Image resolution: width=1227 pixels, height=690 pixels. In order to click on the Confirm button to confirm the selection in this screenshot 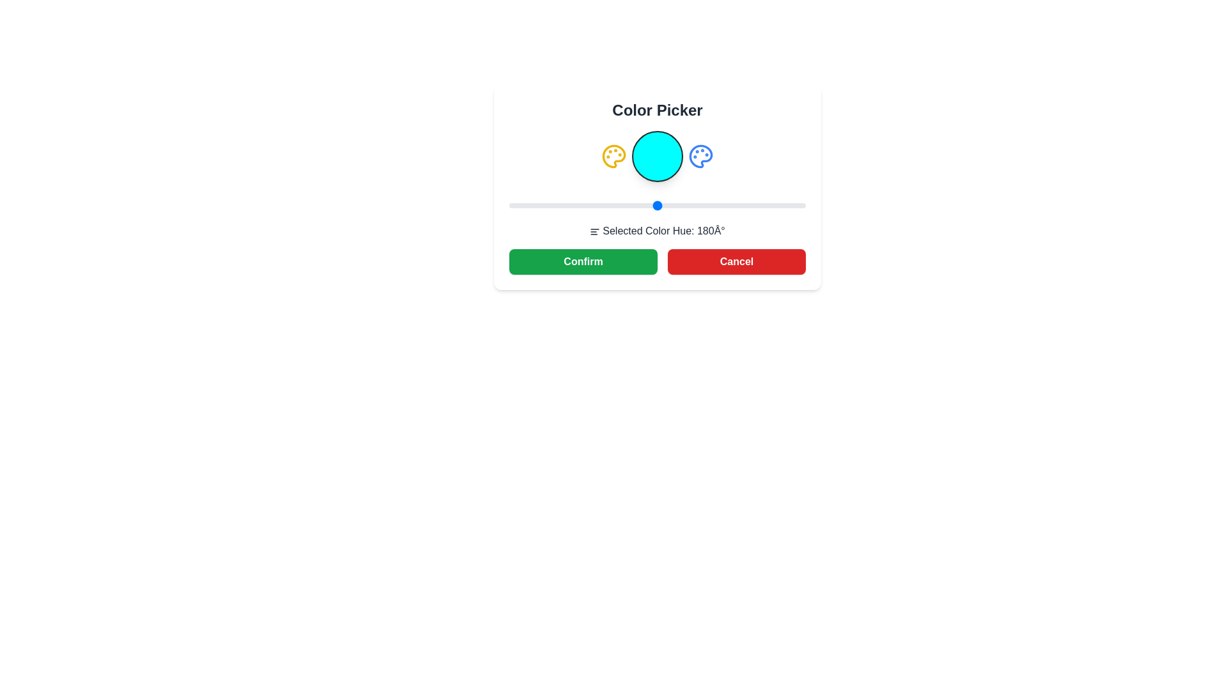, I will do `click(582, 261)`.